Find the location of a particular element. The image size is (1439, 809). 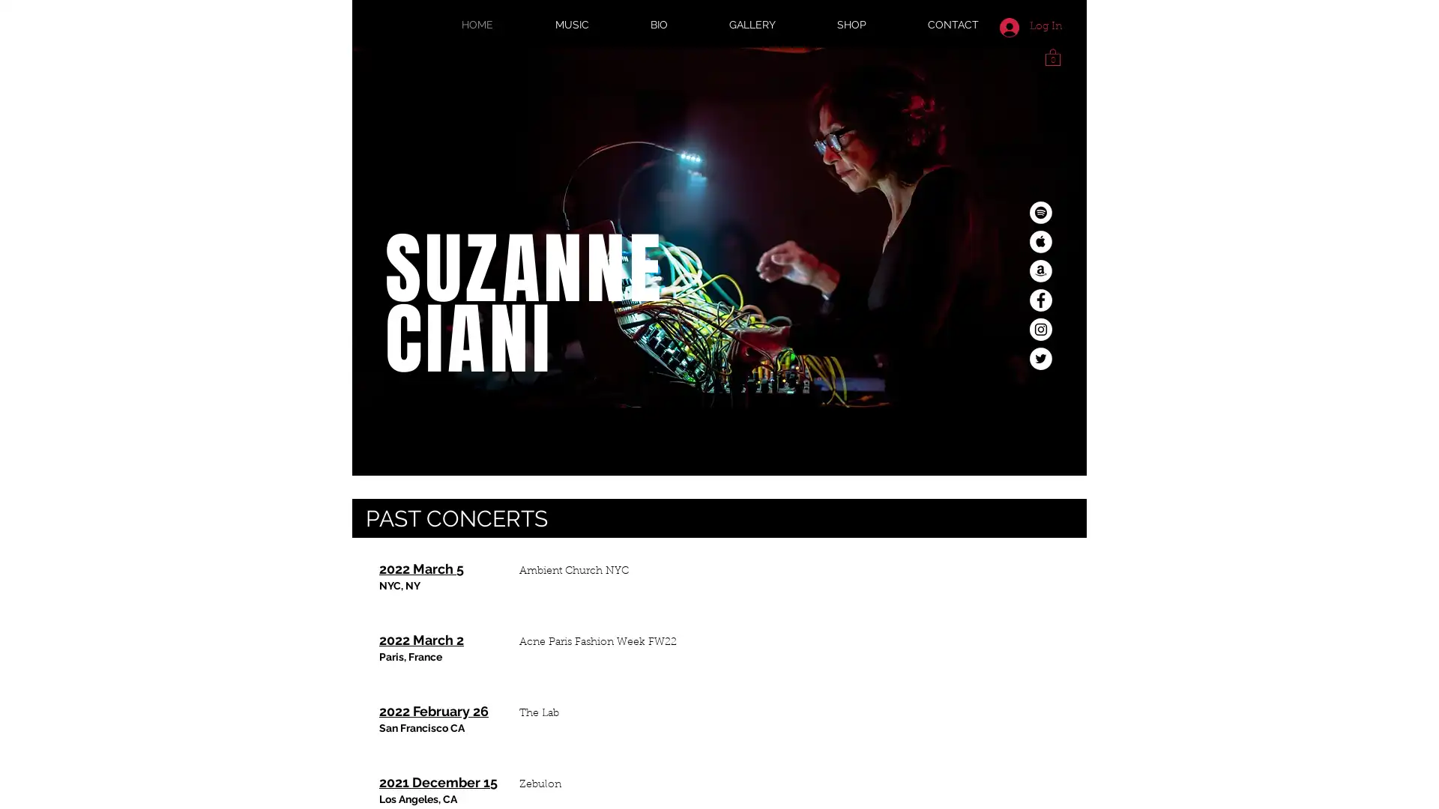

Cart with 0 items is located at coordinates (1052, 55).